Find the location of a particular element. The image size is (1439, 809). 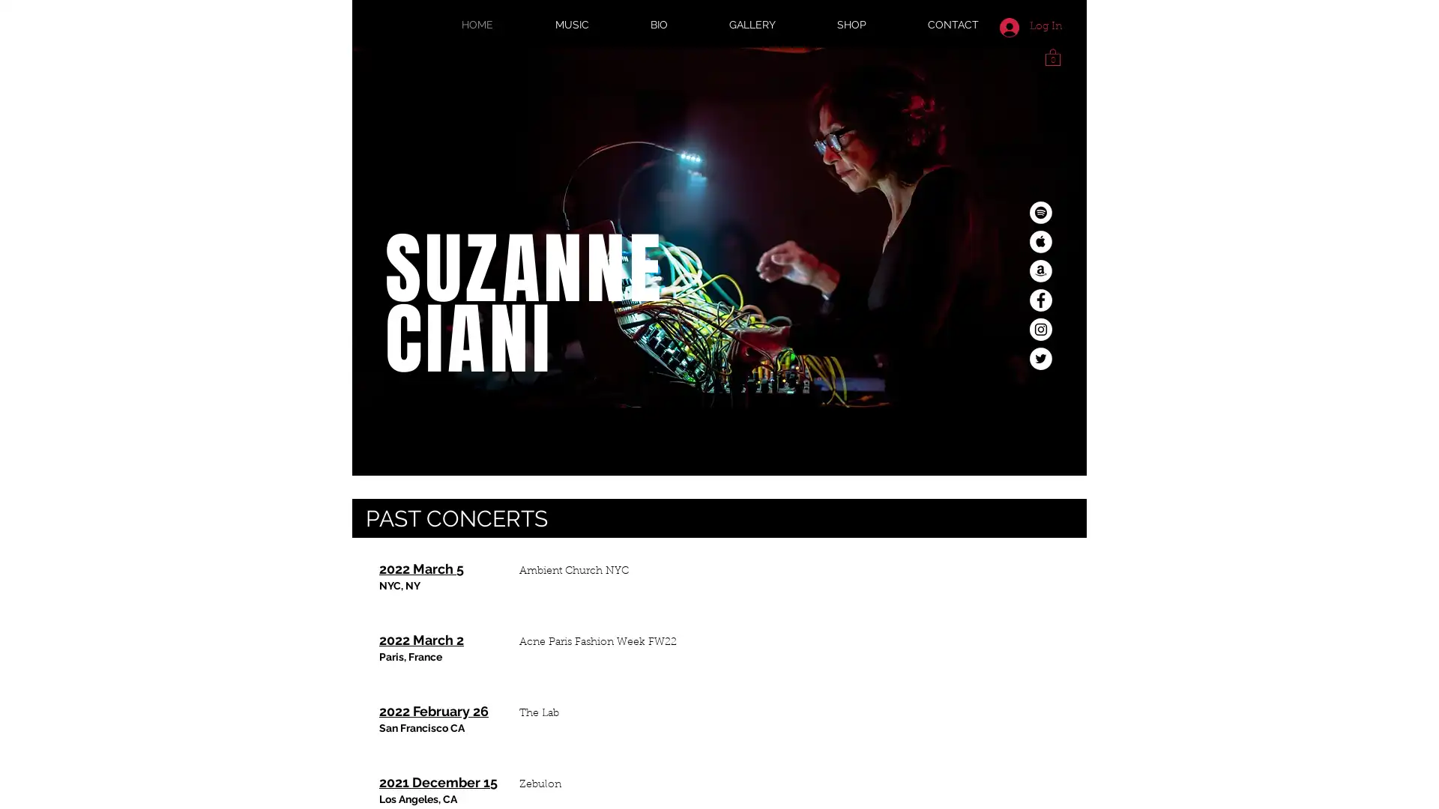

Cart with 0 items is located at coordinates (1052, 55).